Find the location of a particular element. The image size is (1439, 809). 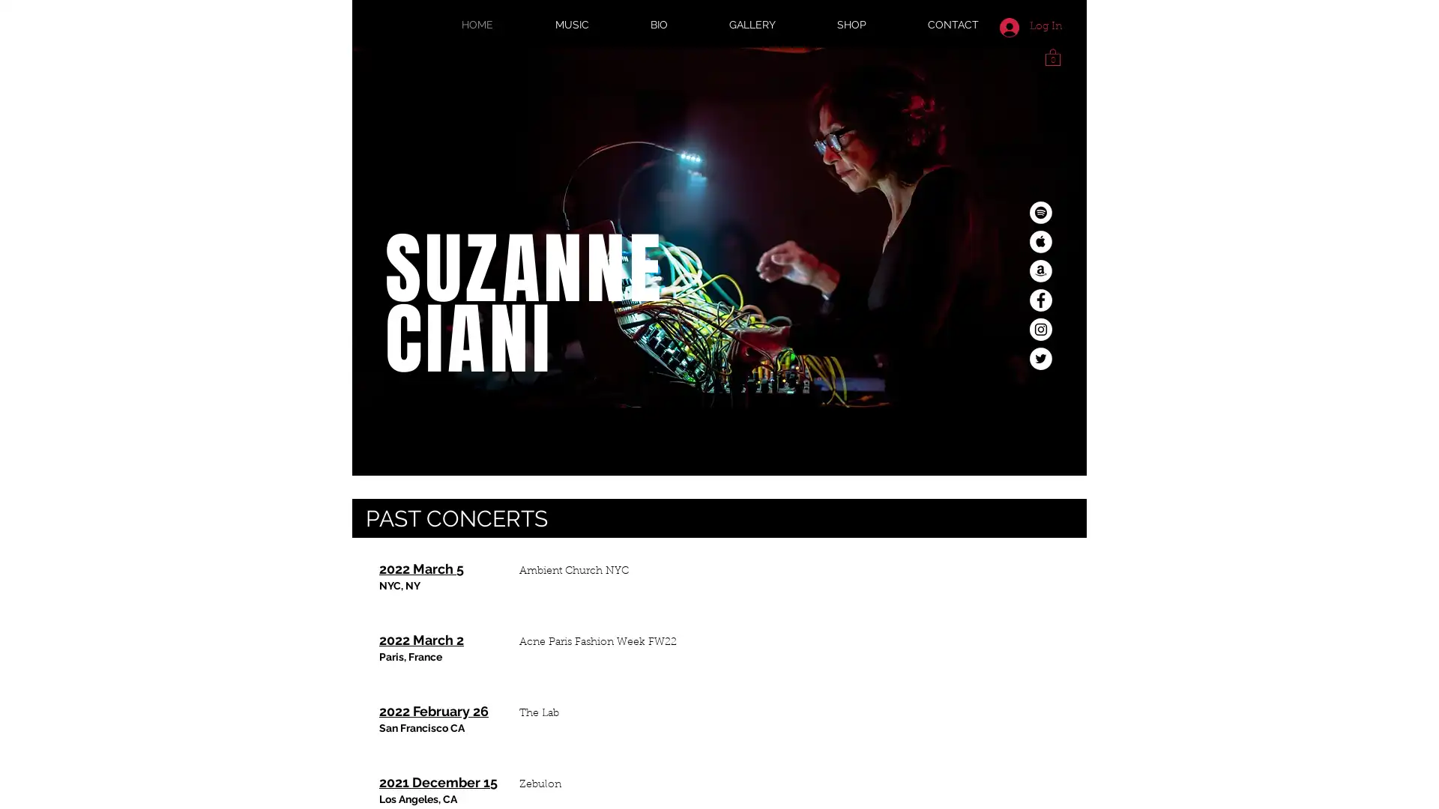

Cart with 0 items is located at coordinates (1052, 55).